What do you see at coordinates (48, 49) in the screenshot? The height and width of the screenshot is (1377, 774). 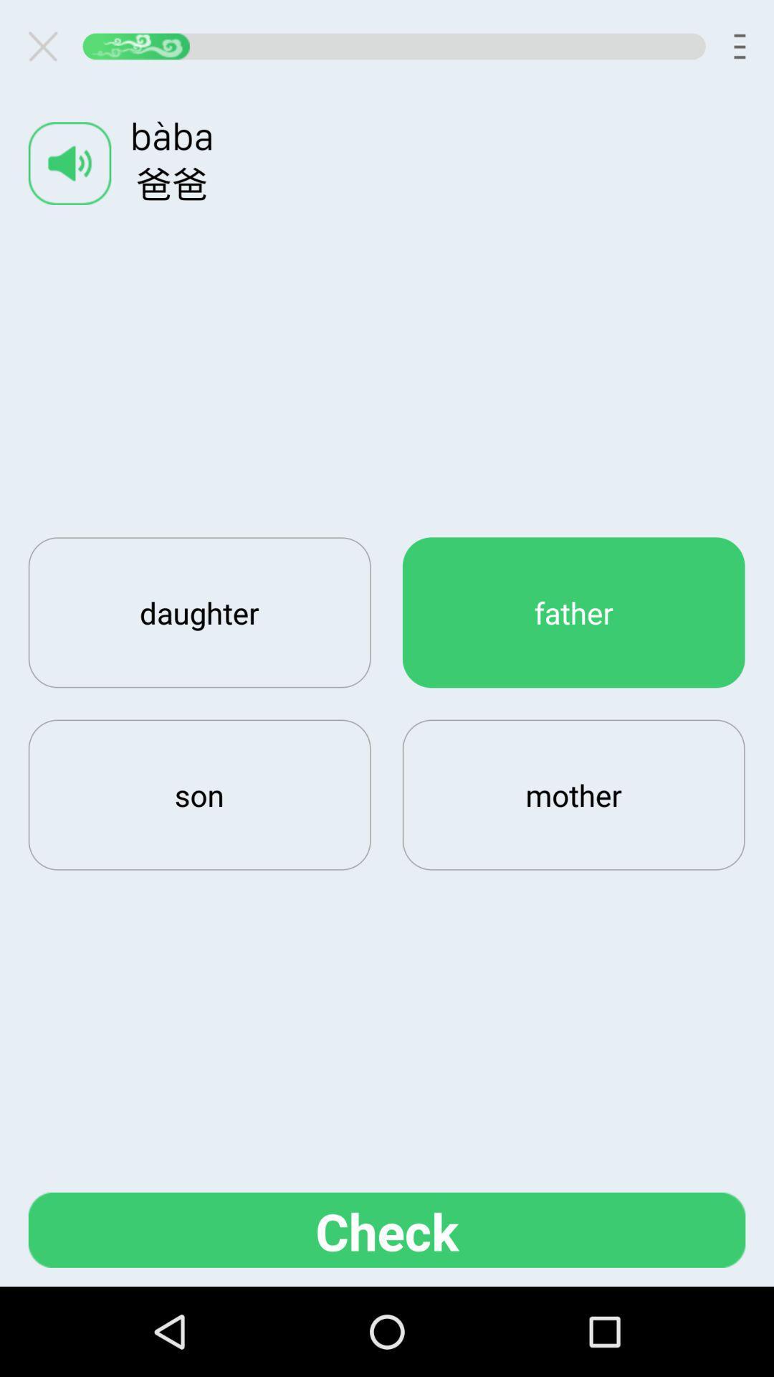 I see `the close icon` at bounding box center [48, 49].